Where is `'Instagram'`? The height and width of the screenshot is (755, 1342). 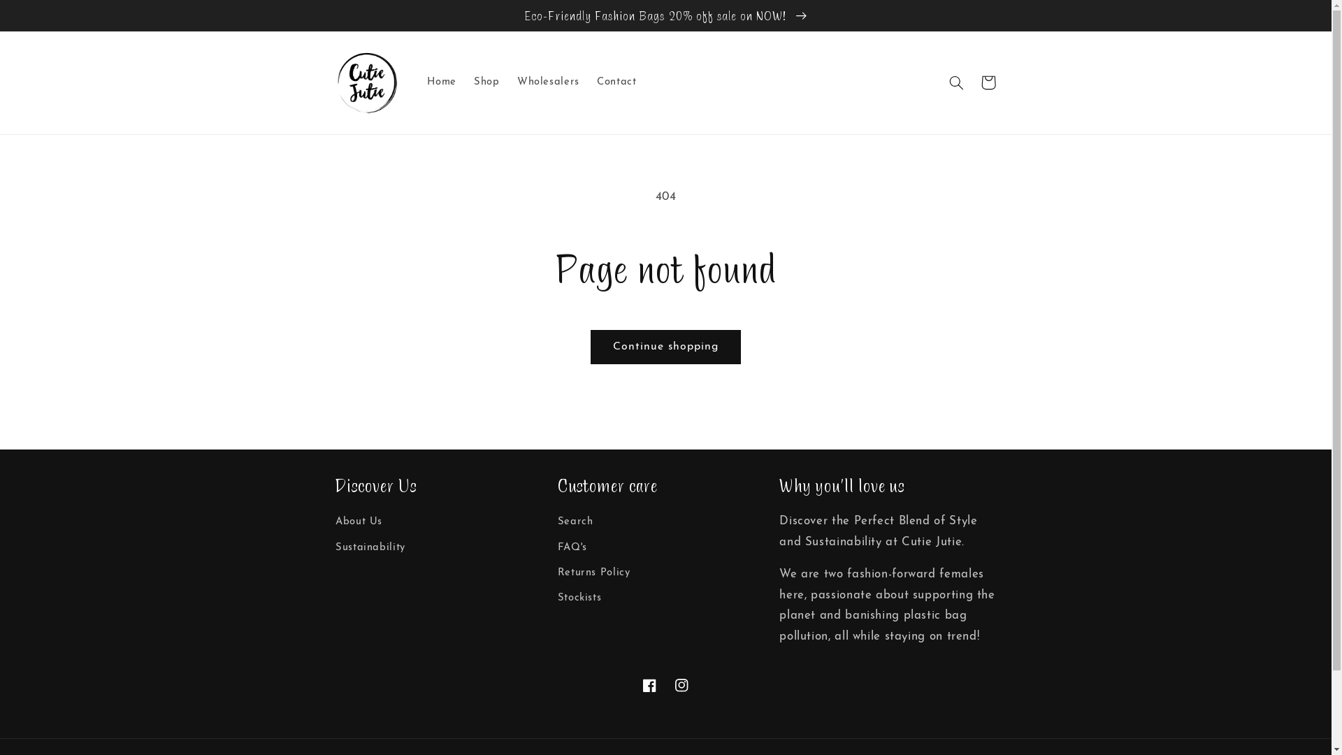
'Instagram' is located at coordinates (681, 684).